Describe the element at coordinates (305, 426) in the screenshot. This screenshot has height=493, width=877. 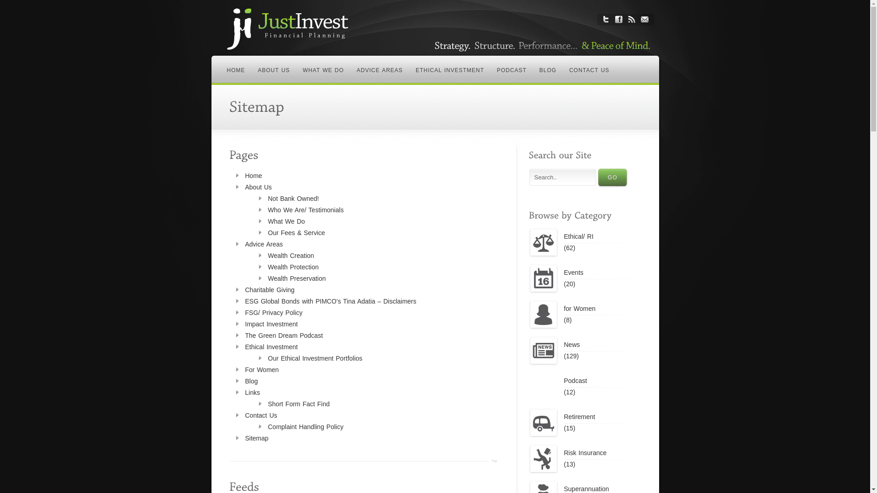
I see `'Complaint Handling Policy'` at that location.